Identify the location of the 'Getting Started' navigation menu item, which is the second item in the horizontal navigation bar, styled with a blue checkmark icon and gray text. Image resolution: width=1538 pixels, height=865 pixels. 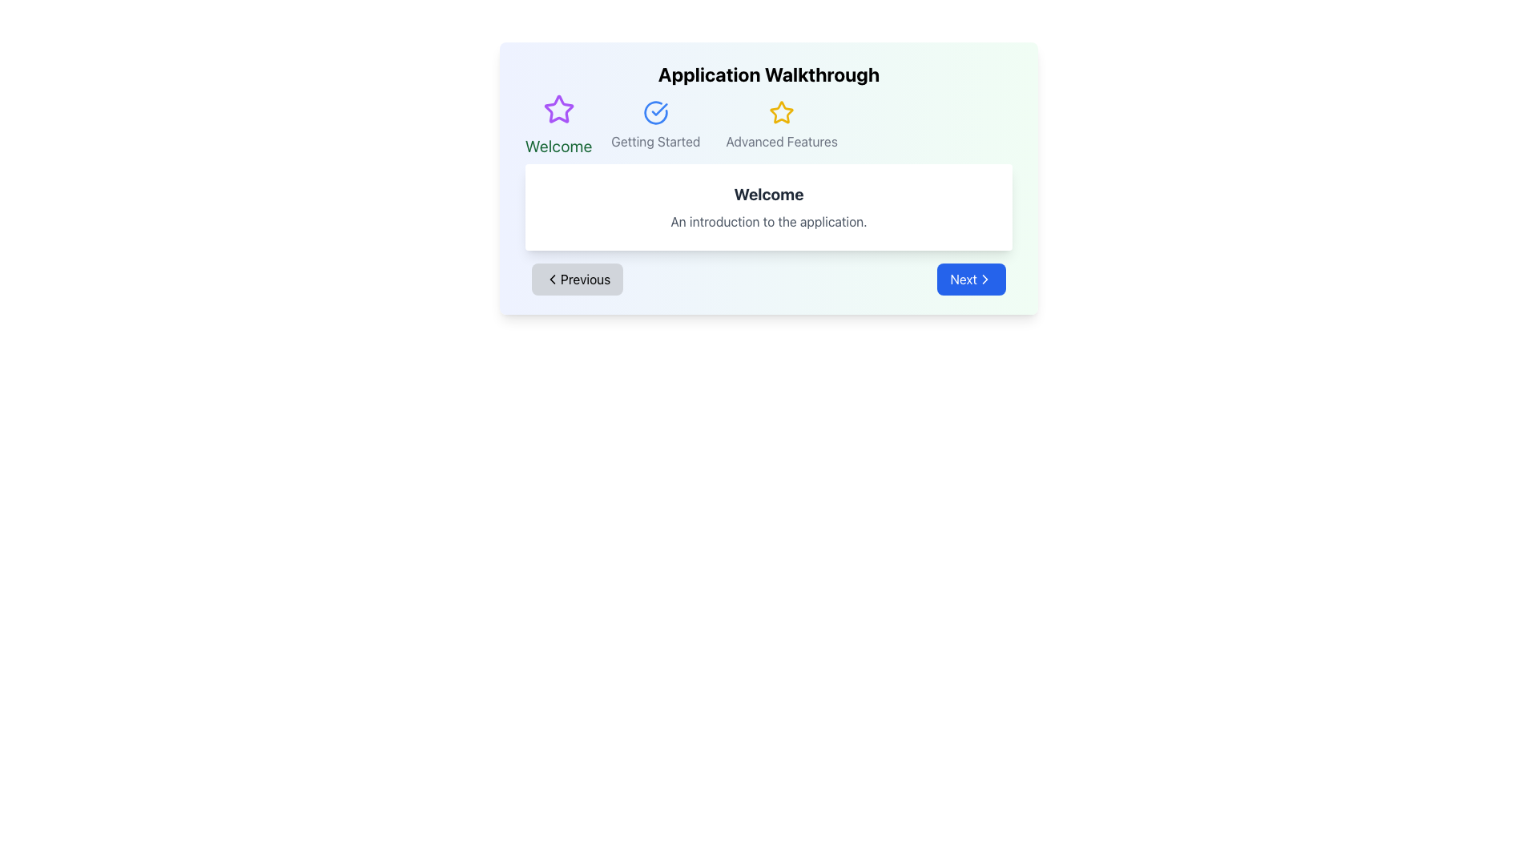
(655, 125).